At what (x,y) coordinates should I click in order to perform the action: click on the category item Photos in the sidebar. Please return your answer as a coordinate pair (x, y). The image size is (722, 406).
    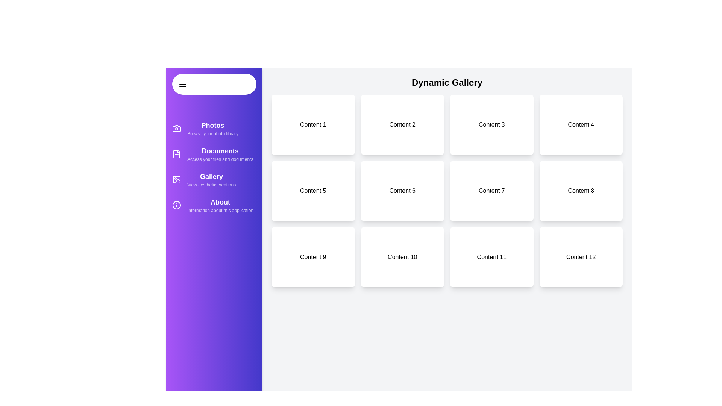
    Looking at the image, I should click on (214, 128).